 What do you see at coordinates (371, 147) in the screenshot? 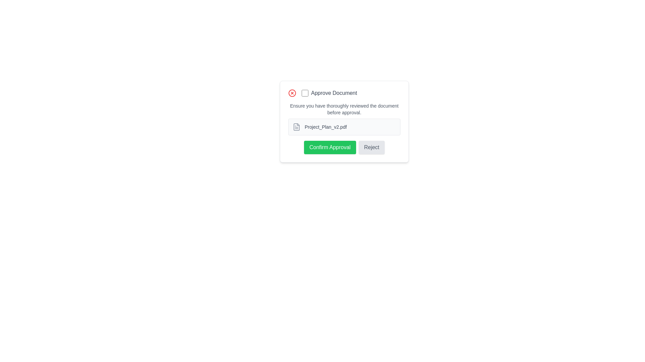
I see `the 'Reject' button located to the immediate right of the 'Confirm Approval' button` at bounding box center [371, 147].